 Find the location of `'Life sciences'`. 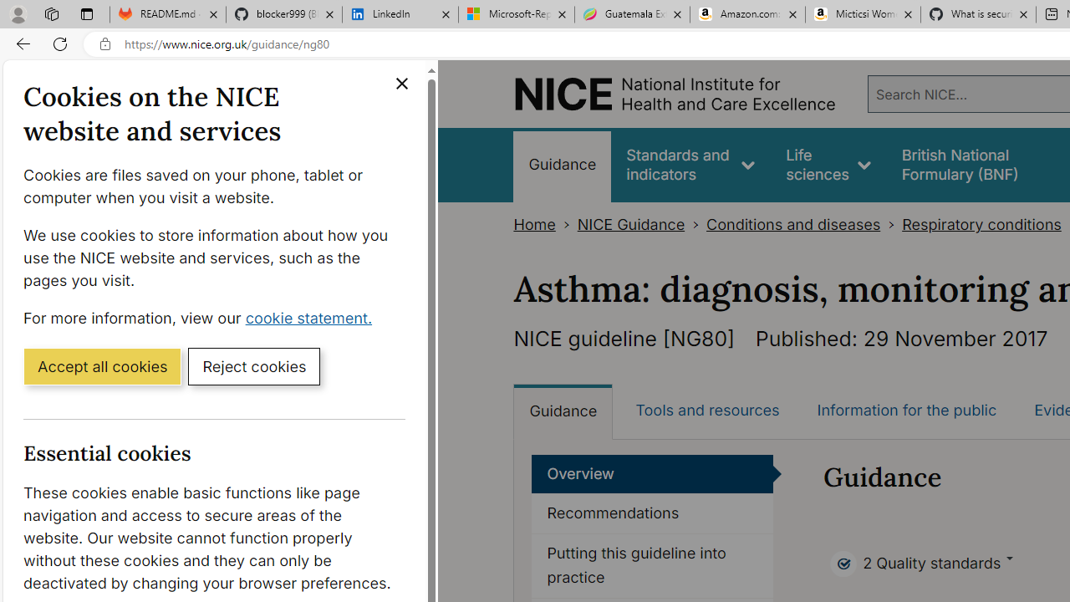

'Life sciences' is located at coordinates (828, 165).